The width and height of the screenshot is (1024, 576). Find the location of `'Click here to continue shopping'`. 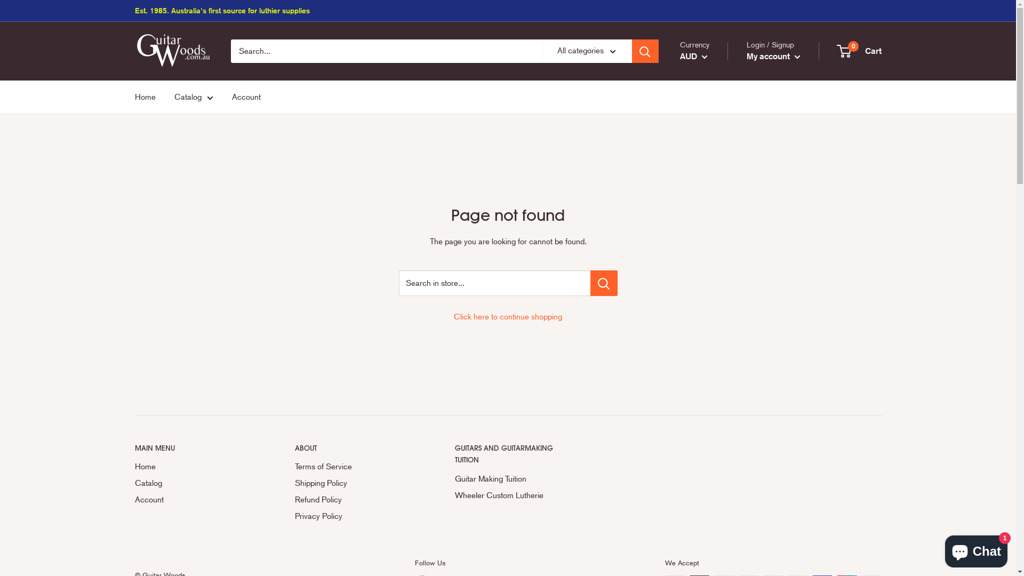

'Click here to continue shopping' is located at coordinates (507, 316).